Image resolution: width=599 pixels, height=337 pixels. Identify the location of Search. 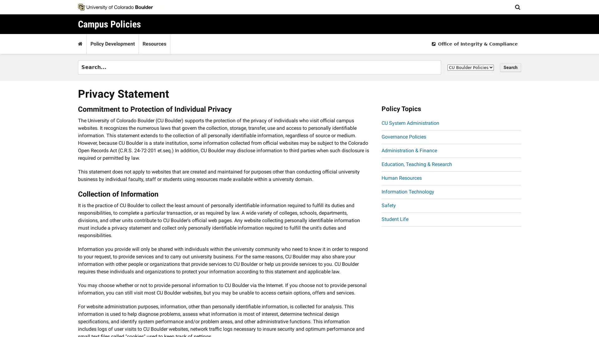
(510, 67).